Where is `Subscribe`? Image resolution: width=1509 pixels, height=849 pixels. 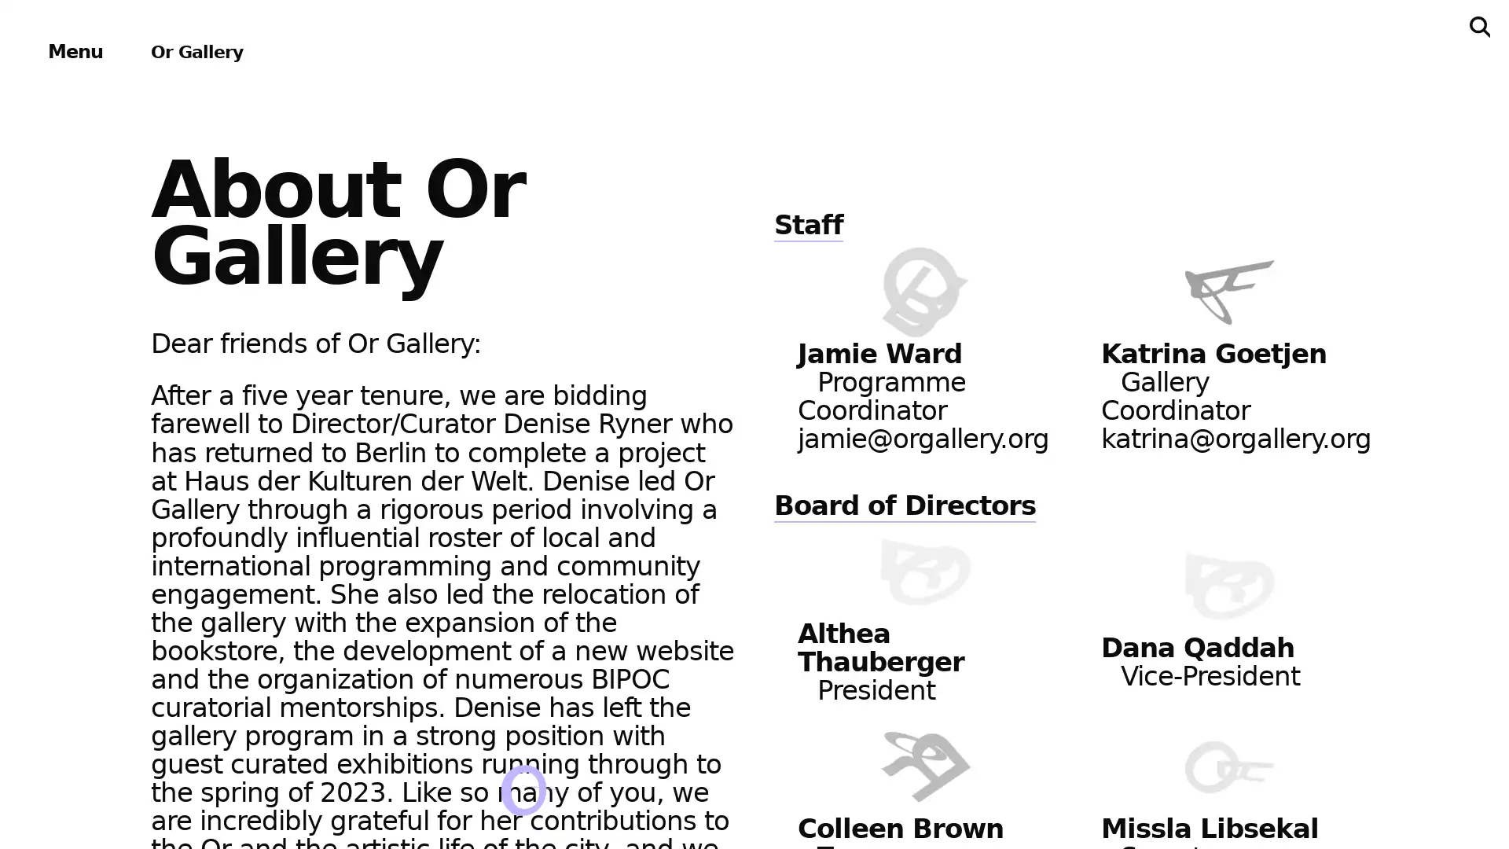
Subscribe is located at coordinates (915, 327).